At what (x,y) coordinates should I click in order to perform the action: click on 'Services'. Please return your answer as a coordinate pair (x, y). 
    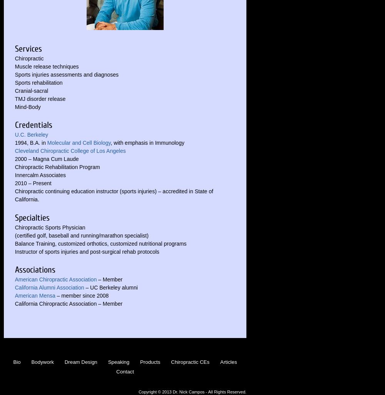
    Looking at the image, I should click on (28, 48).